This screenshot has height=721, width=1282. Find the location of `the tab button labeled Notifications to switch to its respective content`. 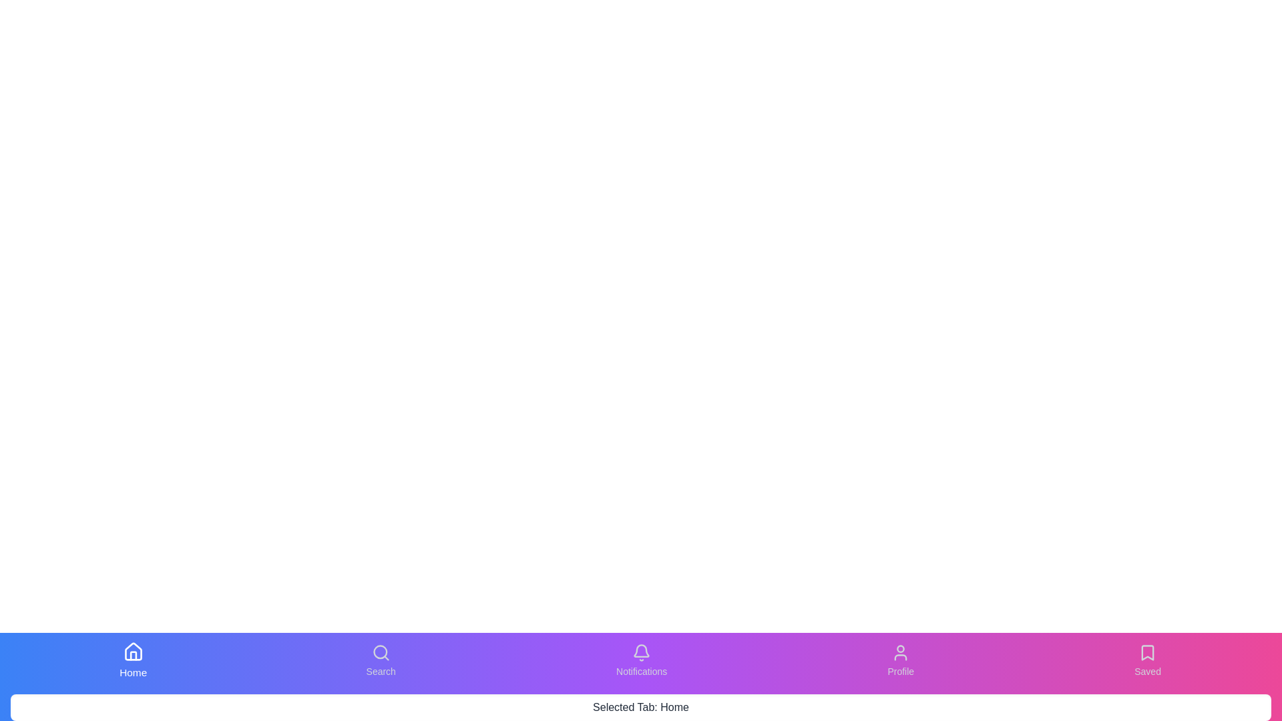

the tab button labeled Notifications to switch to its respective content is located at coordinates (642, 661).